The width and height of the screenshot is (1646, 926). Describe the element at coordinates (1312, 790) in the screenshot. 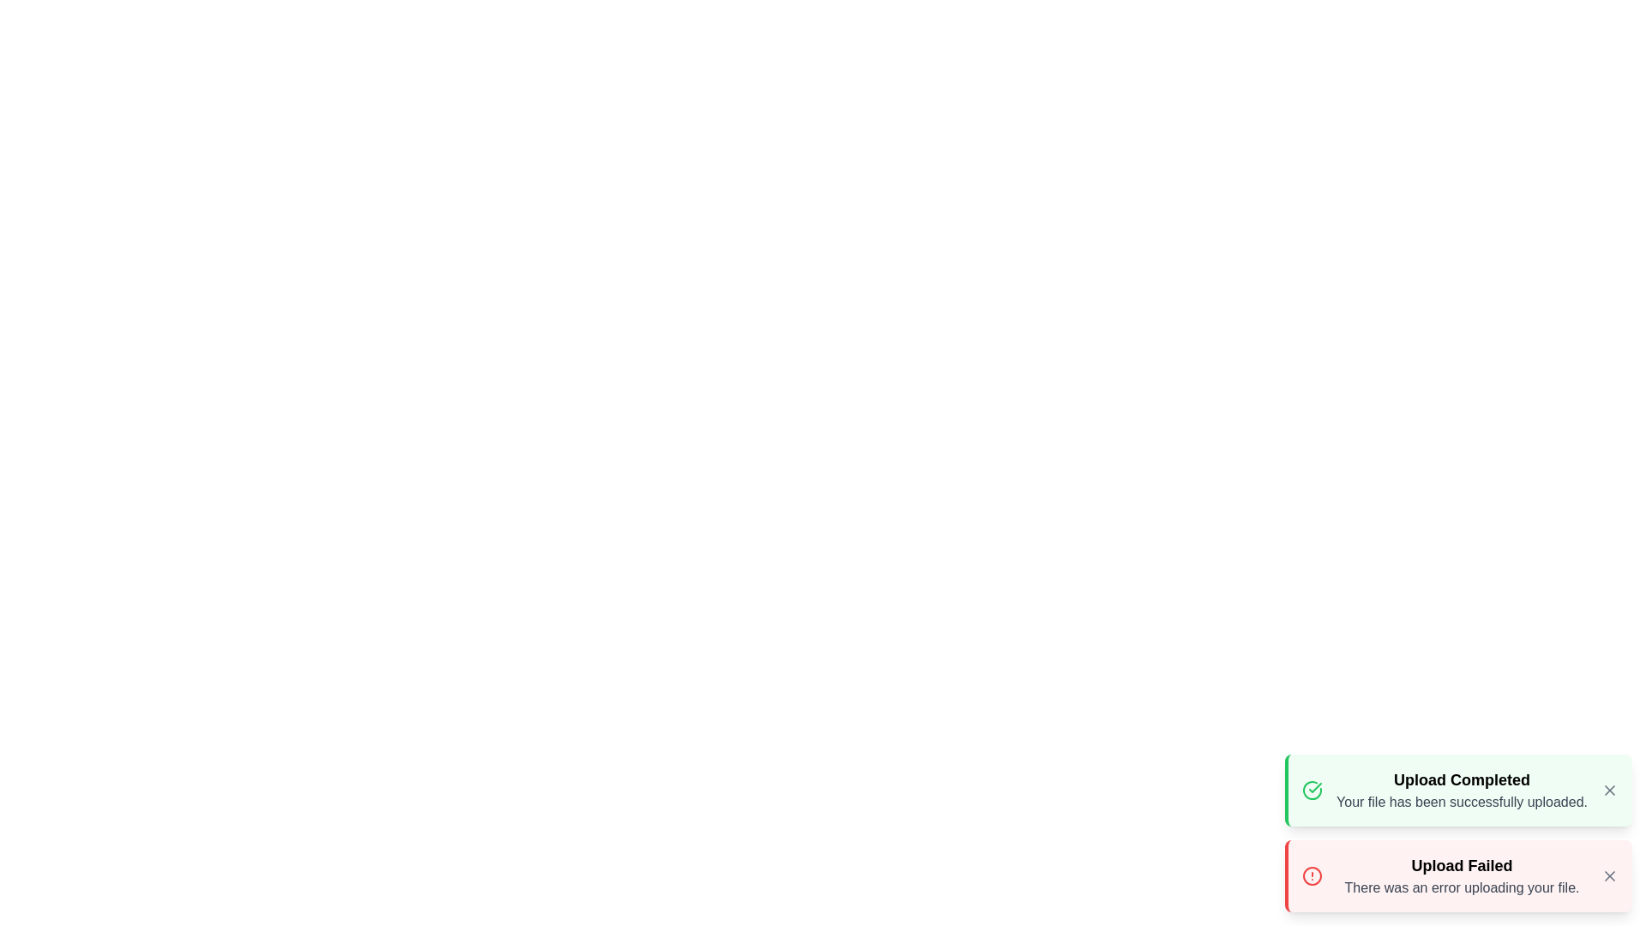

I see `the green circular icon with a check mark located to the left of the text 'Upload Completed' within a green box` at that location.